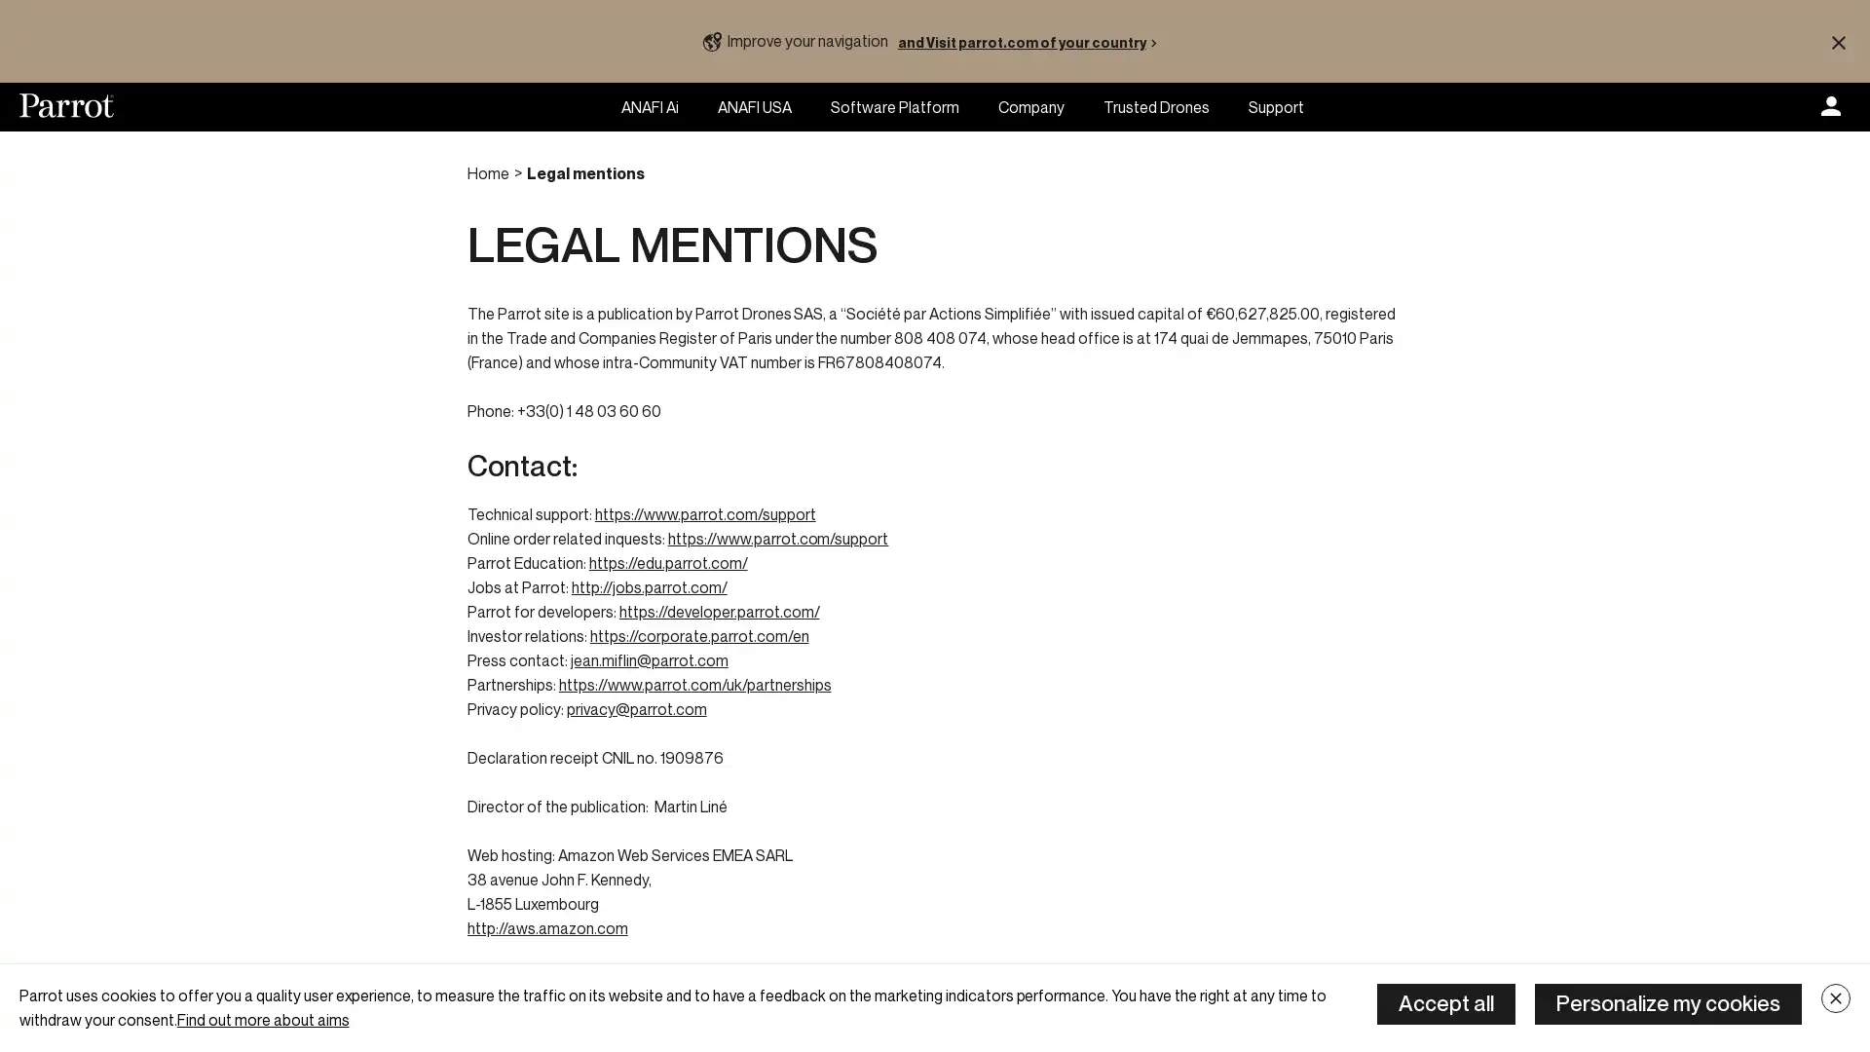 The height and width of the screenshot is (1052, 1870). What do you see at coordinates (1030, 41) in the screenshot?
I see `and Visit parrot.com of your country go to my shop` at bounding box center [1030, 41].